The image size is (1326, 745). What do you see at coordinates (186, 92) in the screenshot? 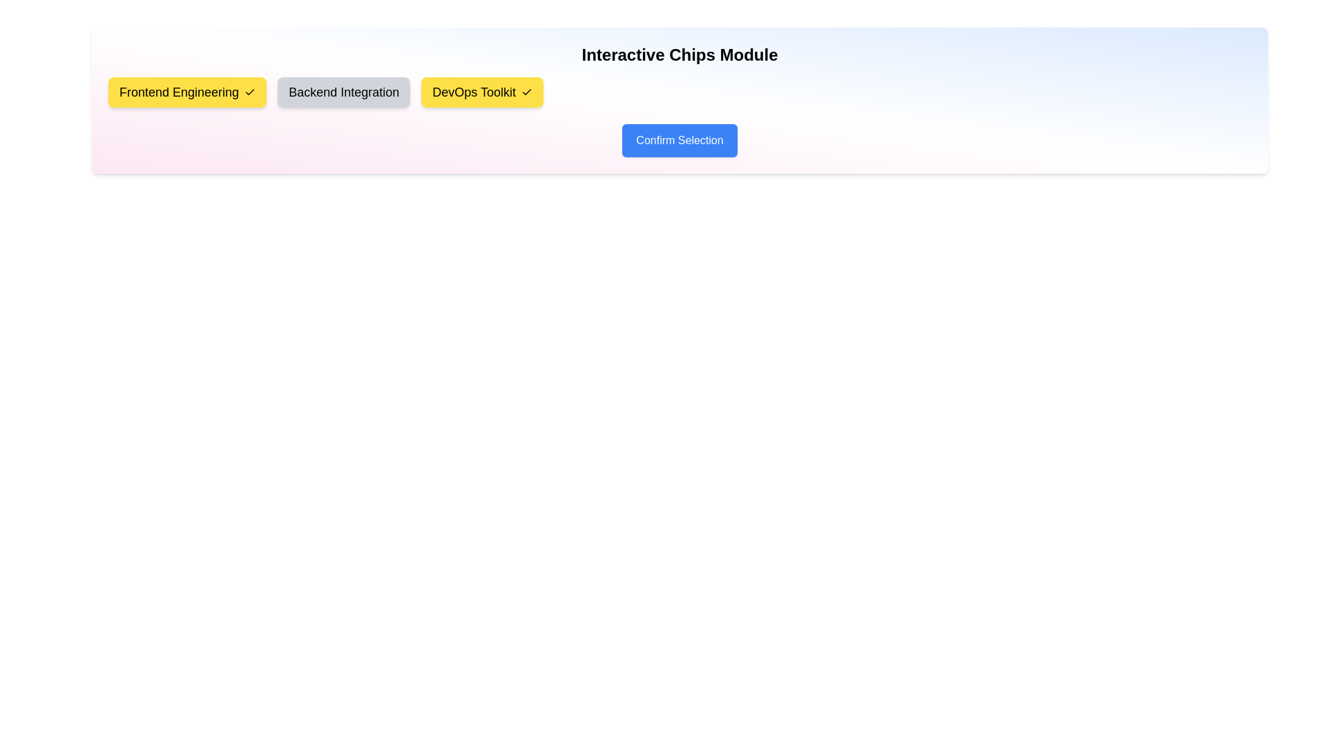
I see `the chip labeled Frontend Engineering to observe its hover effect` at bounding box center [186, 92].